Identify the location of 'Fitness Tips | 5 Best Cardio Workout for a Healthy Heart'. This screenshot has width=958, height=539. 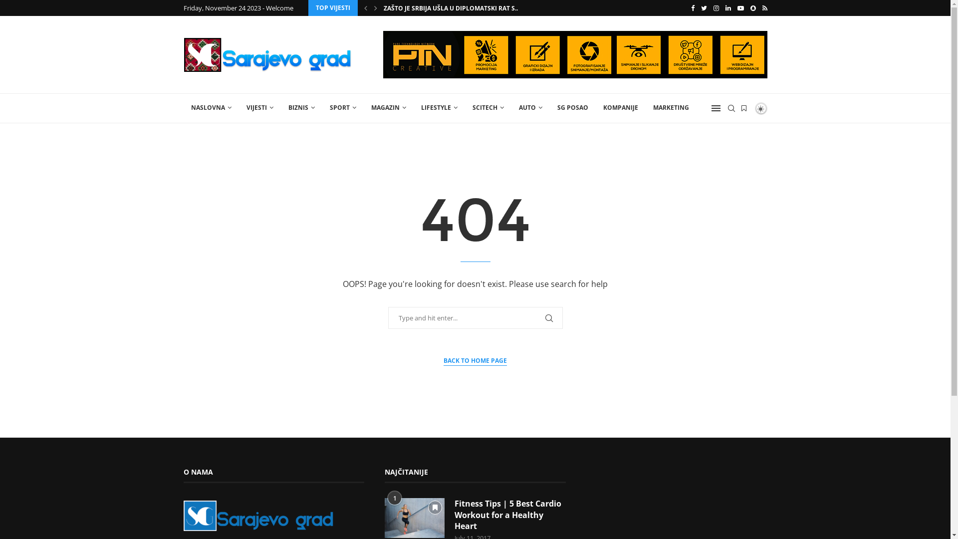
(510, 515).